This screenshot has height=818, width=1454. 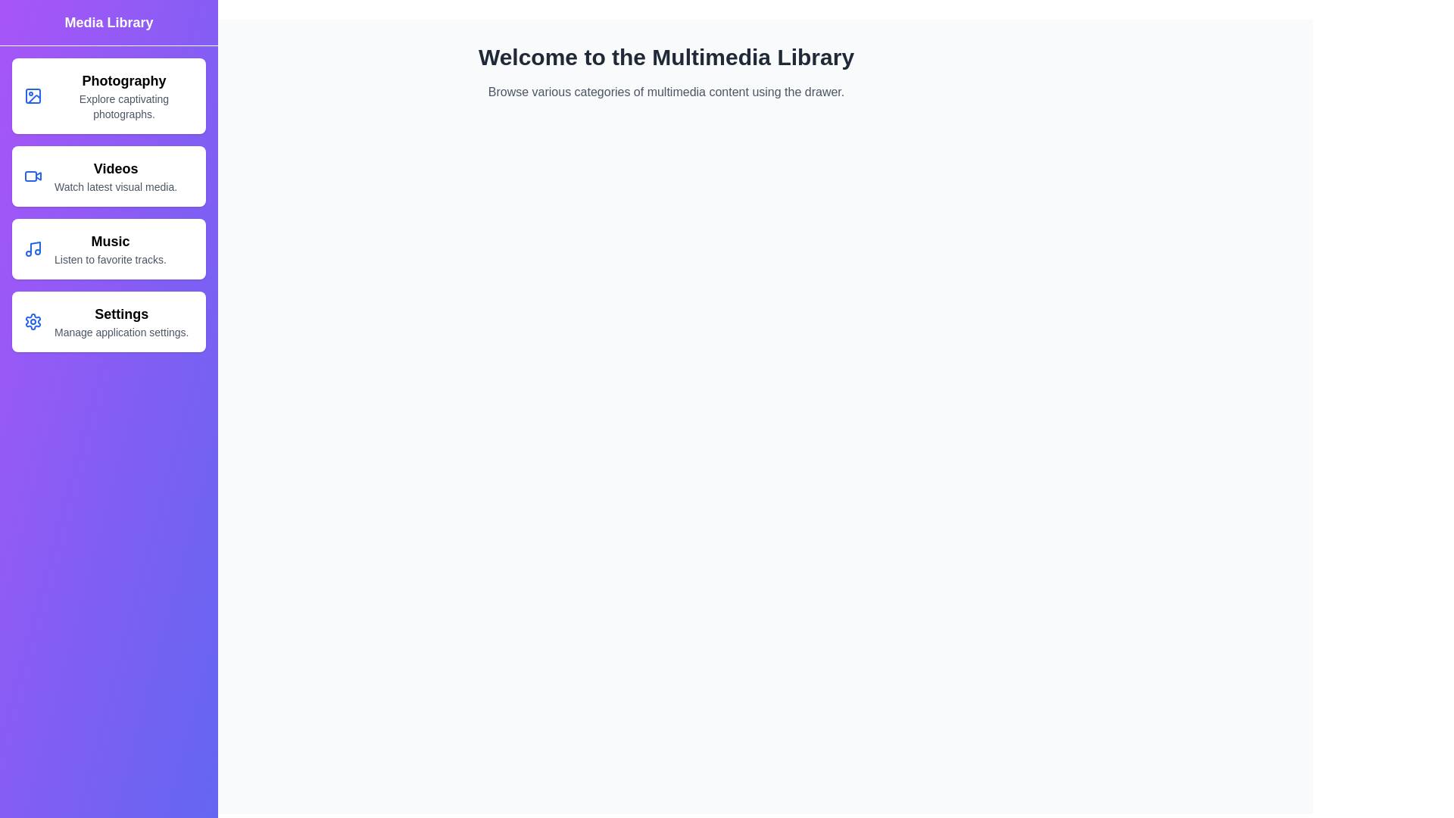 I want to click on the Videos category in the MultimediaDrawer, so click(x=108, y=175).